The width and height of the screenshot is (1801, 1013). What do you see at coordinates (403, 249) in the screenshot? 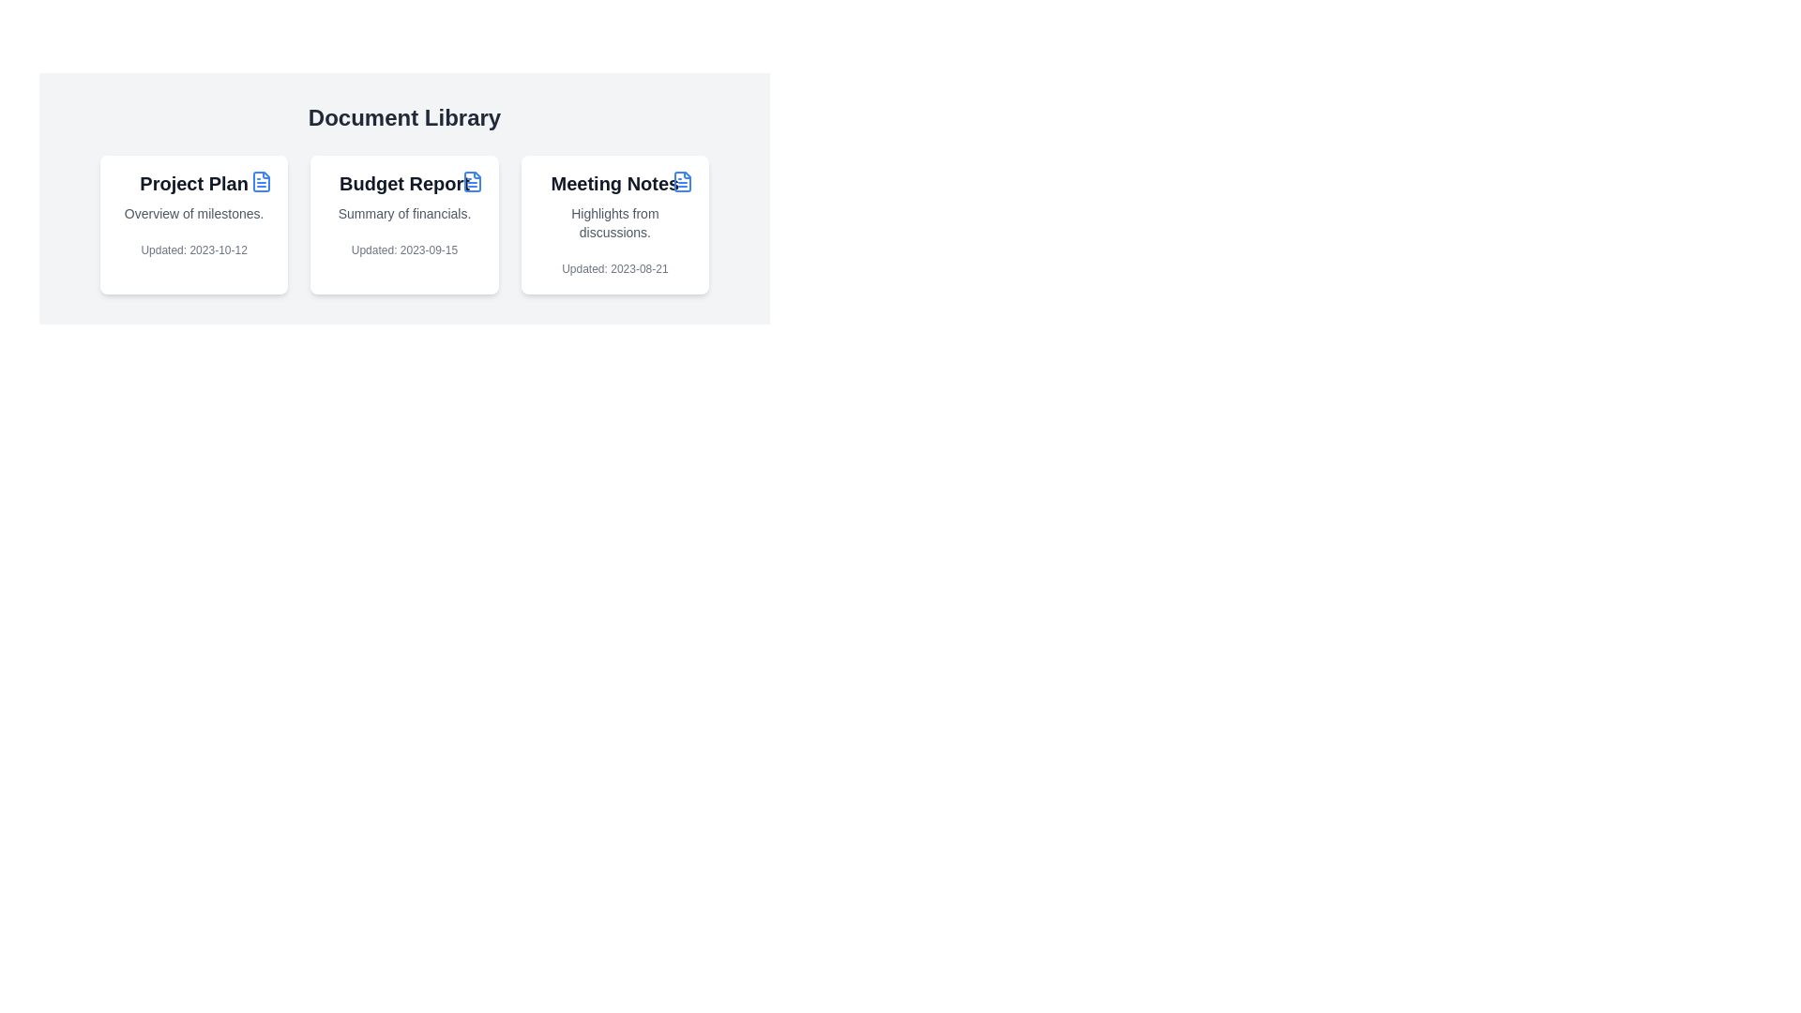
I see `the text label that informs the user of the last update date of the 'Budget Report' entry, located at the bottom of the 'Budget Report' card, below the description 'Summary of financials.'` at bounding box center [403, 249].